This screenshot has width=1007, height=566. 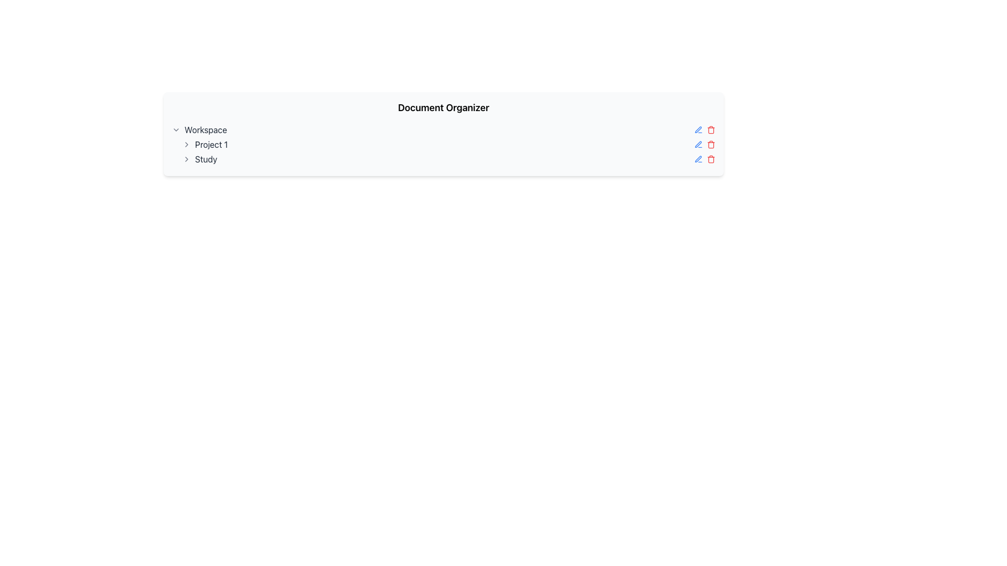 I want to click on the gray chevron icon pointing to the right, located to the left of the 'Study' label, so click(x=186, y=159).